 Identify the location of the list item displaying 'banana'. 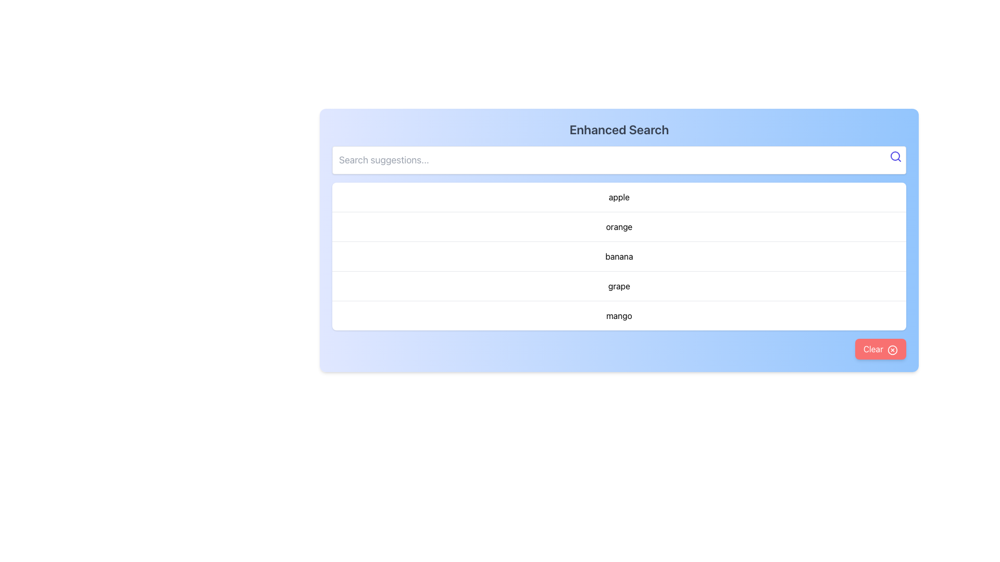
(619, 256).